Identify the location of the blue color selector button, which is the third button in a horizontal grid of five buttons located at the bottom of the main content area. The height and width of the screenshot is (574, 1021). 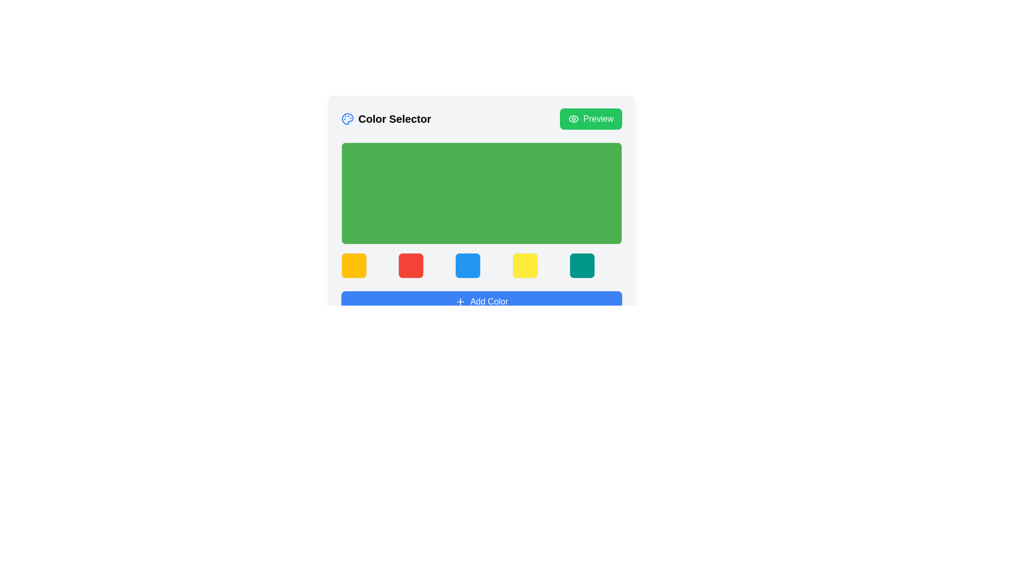
(468, 265).